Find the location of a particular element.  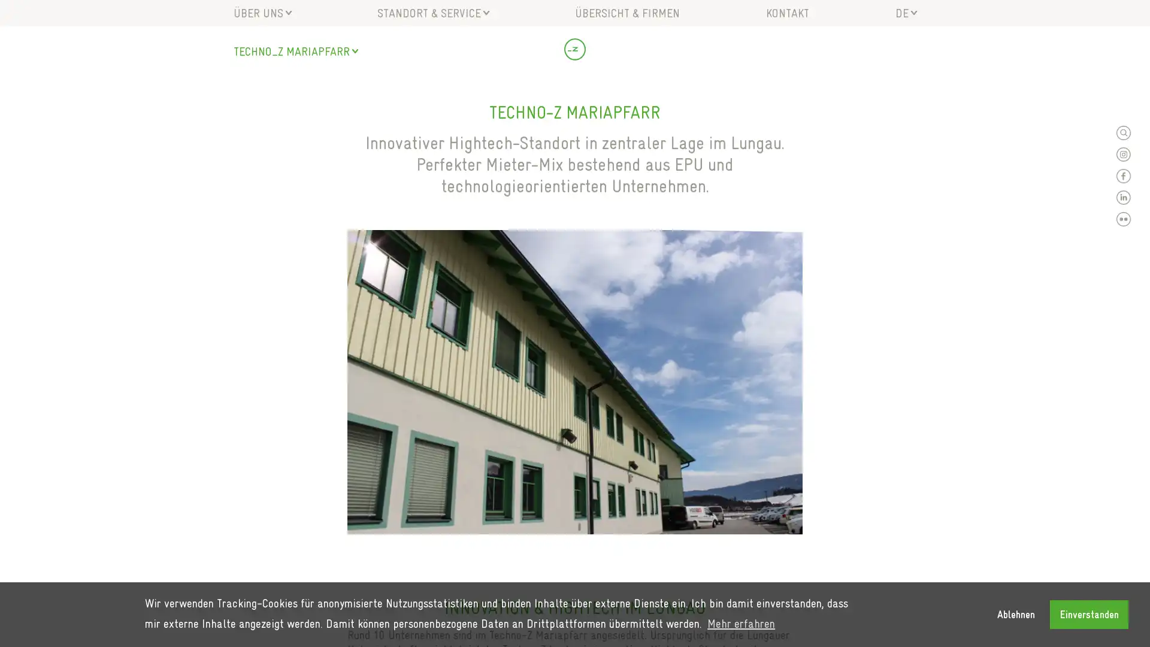

deny cookies is located at coordinates (1015, 614).